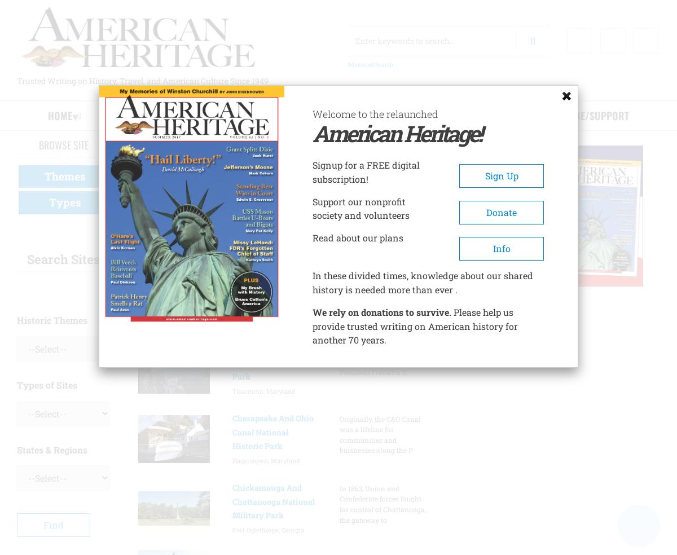 The width and height of the screenshot is (677, 555). What do you see at coordinates (370, 64) in the screenshot?
I see `'Advanced Search'` at bounding box center [370, 64].